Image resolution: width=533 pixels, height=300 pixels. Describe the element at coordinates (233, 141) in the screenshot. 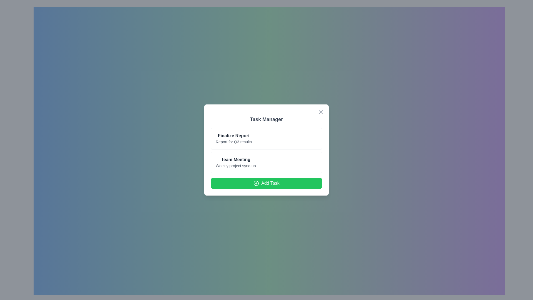

I see `text from the Text Label located inside the 'Task Manager' framed box, which is positioned beneath the 'Finalize Report' header and above the 'Team Meeting' task group` at that location.